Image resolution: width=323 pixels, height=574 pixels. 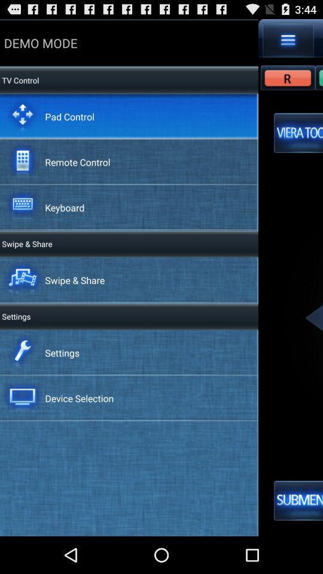 I want to click on the item next to the remote control icon, so click(x=298, y=133).